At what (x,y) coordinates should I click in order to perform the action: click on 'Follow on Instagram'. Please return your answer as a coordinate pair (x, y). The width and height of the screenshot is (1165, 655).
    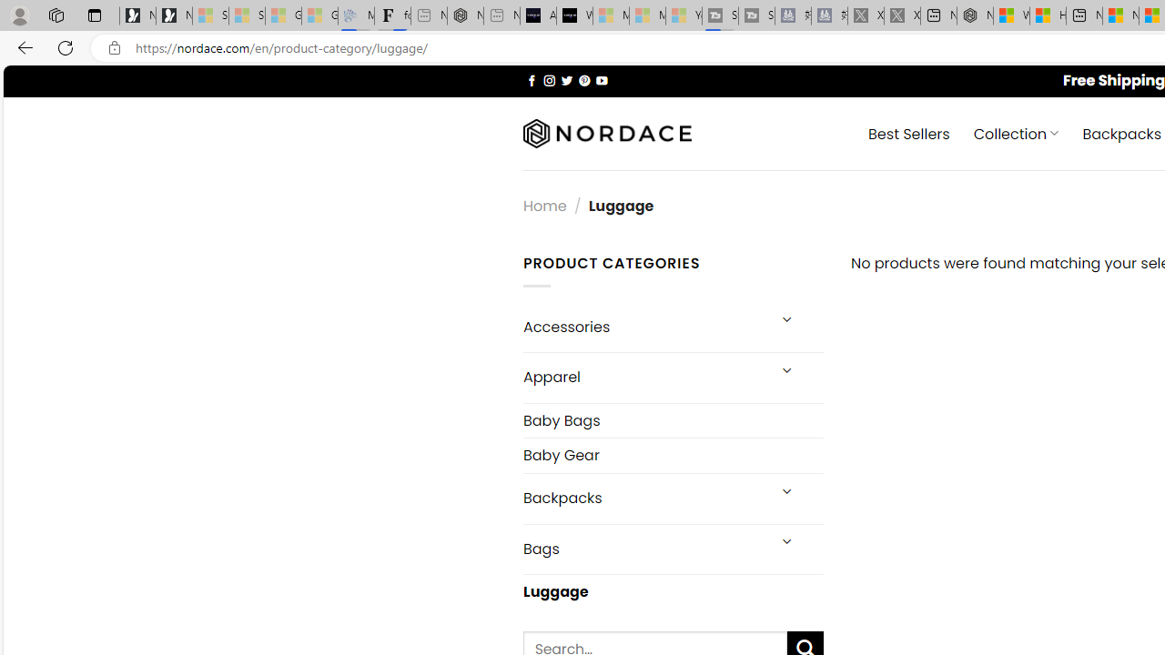
    Looking at the image, I should click on (548, 79).